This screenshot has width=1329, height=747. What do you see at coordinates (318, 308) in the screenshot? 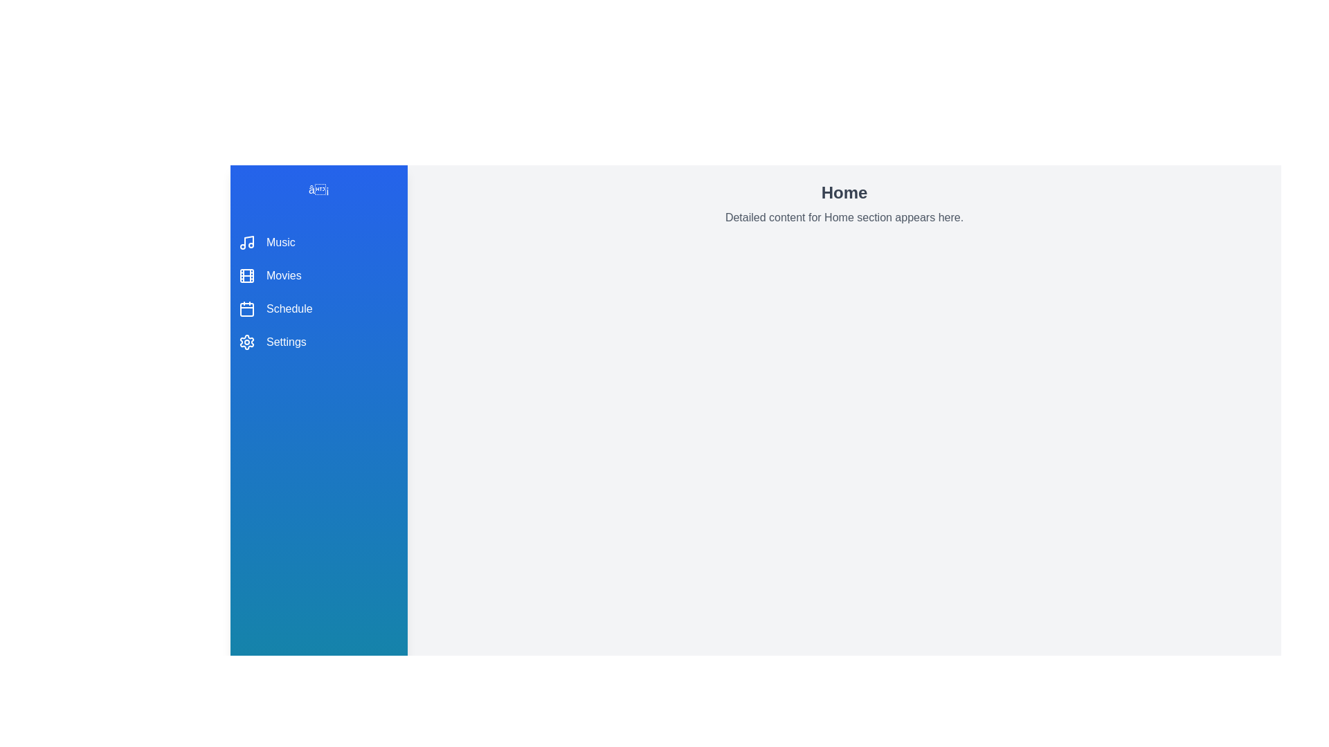
I see `the menu item Schedule` at bounding box center [318, 308].